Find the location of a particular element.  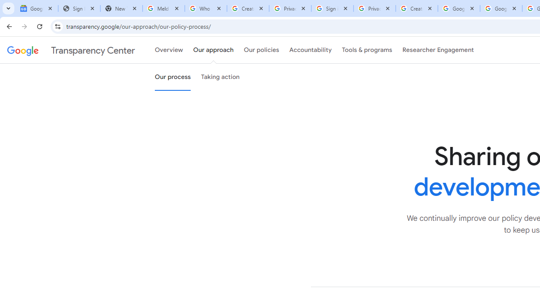

'Accountability' is located at coordinates (310, 50).